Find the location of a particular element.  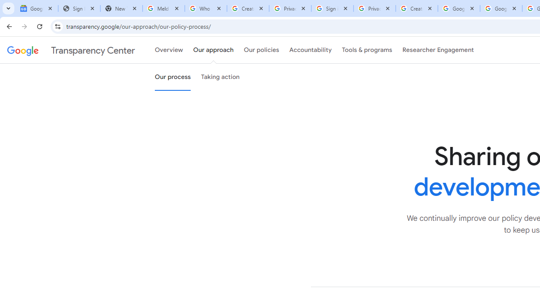

'Accountability' is located at coordinates (310, 50).